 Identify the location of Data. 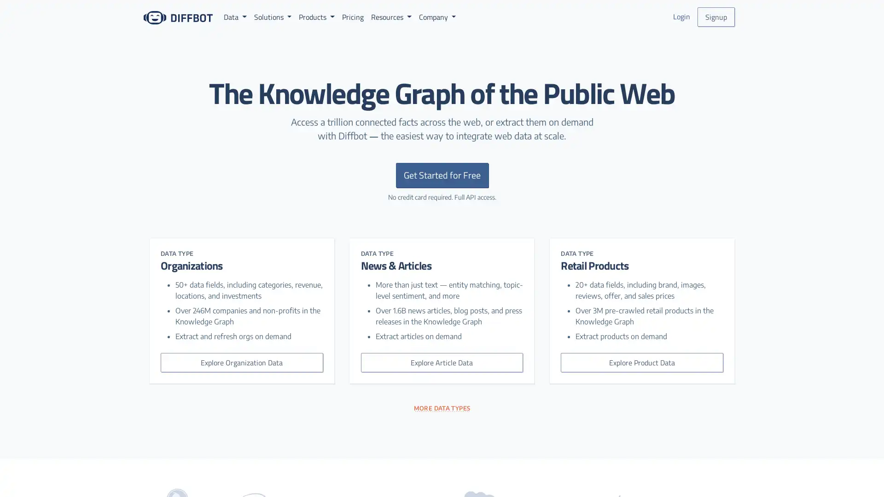
(235, 17).